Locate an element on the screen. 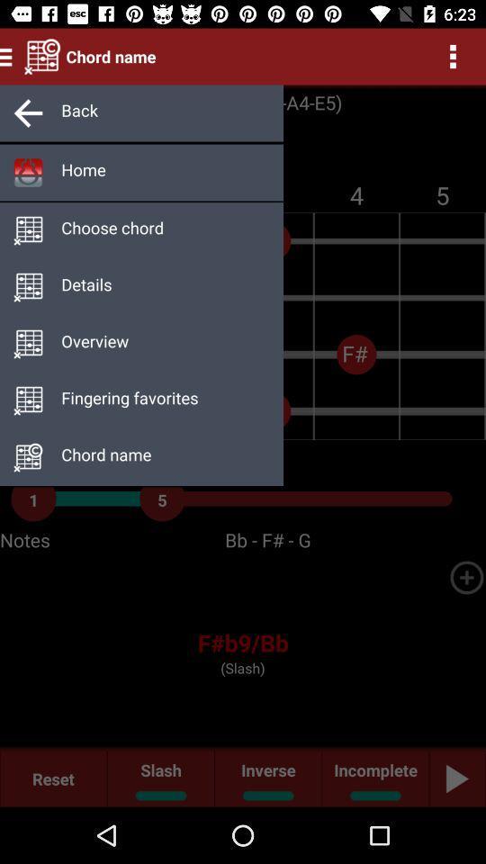 The width and height of the screenshot is (486, 864). the add icon is located at coordinates (466, 576).